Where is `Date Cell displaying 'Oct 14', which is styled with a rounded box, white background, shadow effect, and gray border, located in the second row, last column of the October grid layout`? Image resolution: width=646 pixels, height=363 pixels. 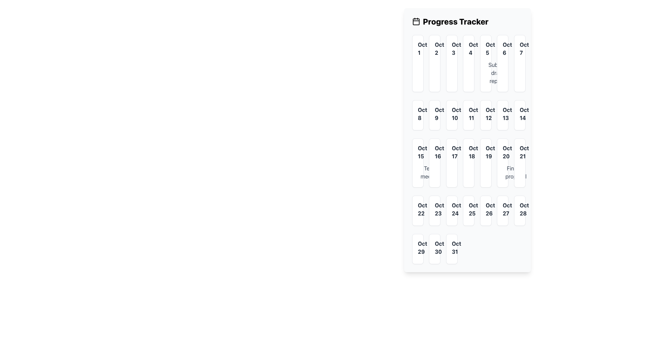 Date Cell displaying 'Oct 14', which is styled with a rounded box, white background, shadow effect, and gray border, located in the second row, last column of the October grid layout is located at coordinates (519, 115).